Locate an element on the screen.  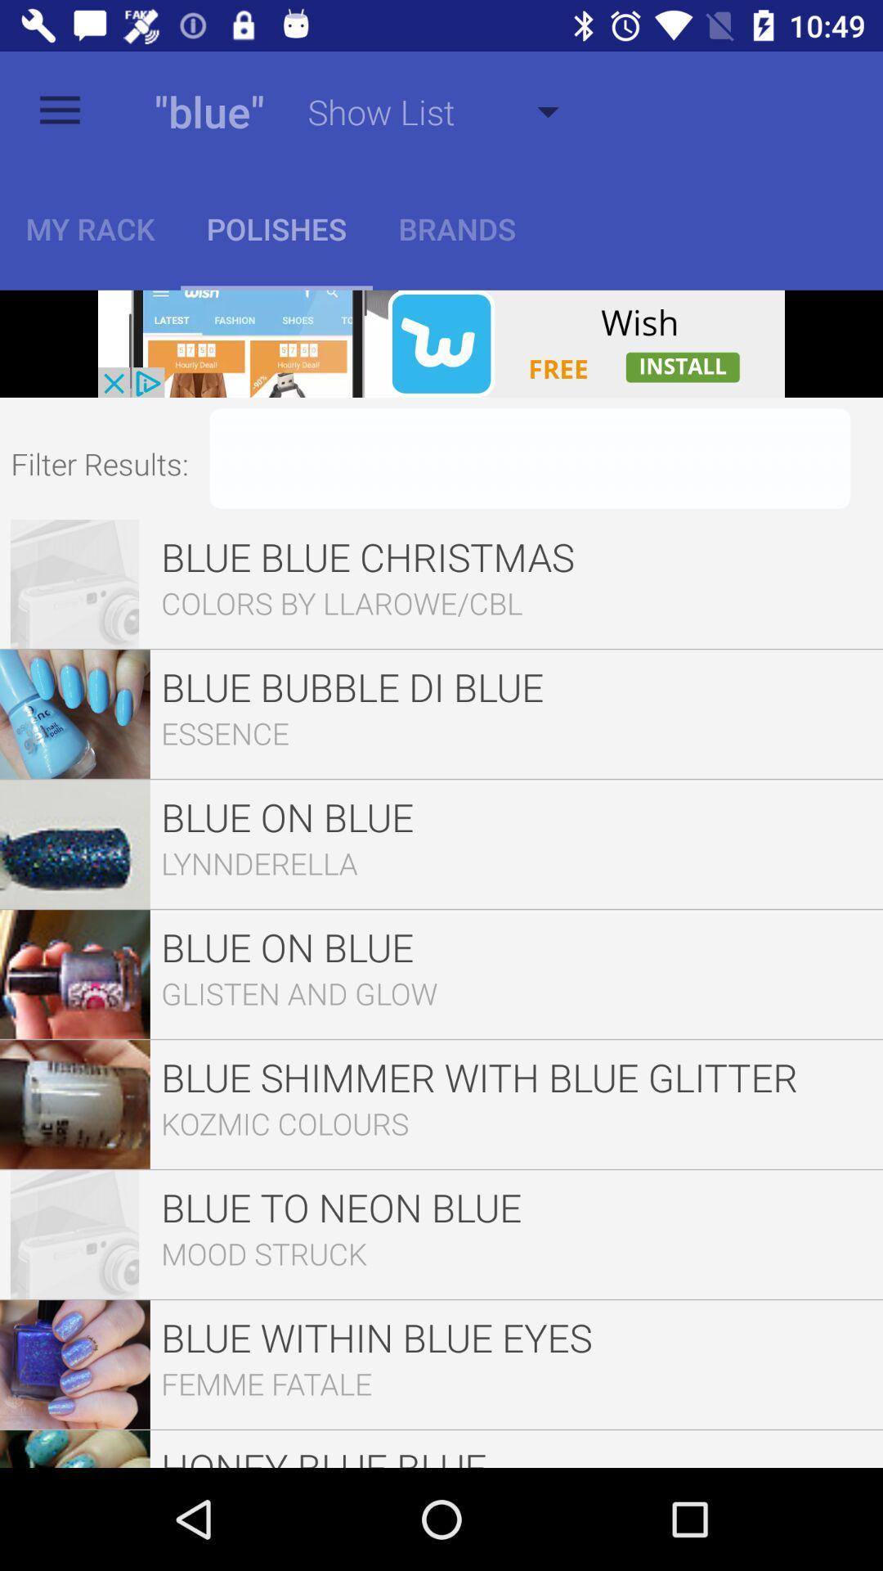
advertisement is located at coordinates (441, 343).